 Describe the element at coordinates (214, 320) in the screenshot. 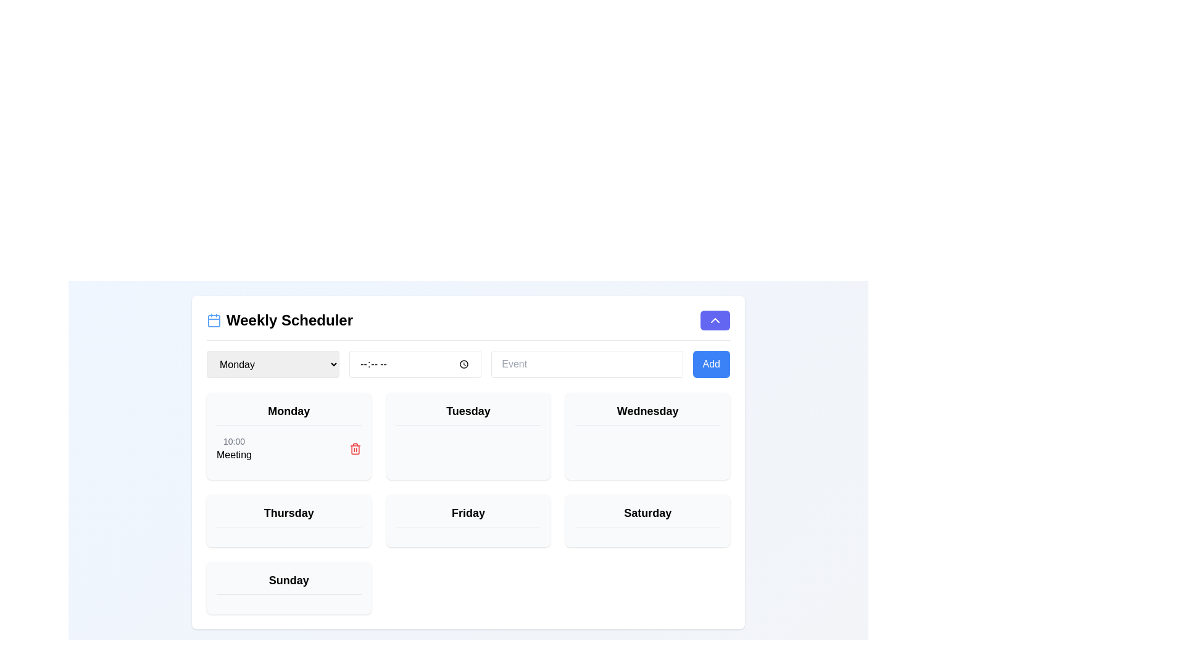

I see `the calendar icon, which is depicted with a square outline, two vertical lines at the top, and is light blue in color, located to the left of the 'Weekly Scheduler' title` at that location.